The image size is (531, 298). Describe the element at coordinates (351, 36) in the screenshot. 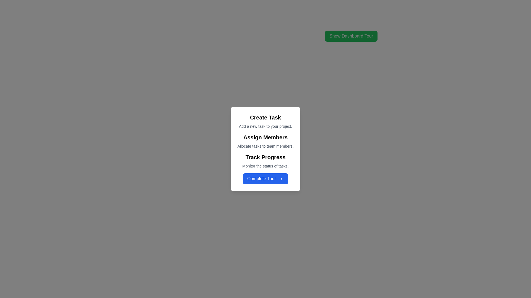

I see `the green rectangular button labeled 'Show Dashboard Tour' to initiate the dashboard tour` at that location.